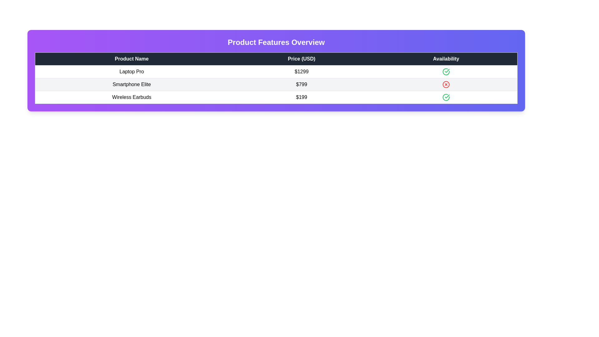 The height and width of the screenshot is (337, 599). Describe the element at coordinates (446, 97) in the screenshot. I see `the availability indicator icon for 'Wireless Earbuds', which is represented by a green checkmark located in the last right column of the third row of the product table` at that location.